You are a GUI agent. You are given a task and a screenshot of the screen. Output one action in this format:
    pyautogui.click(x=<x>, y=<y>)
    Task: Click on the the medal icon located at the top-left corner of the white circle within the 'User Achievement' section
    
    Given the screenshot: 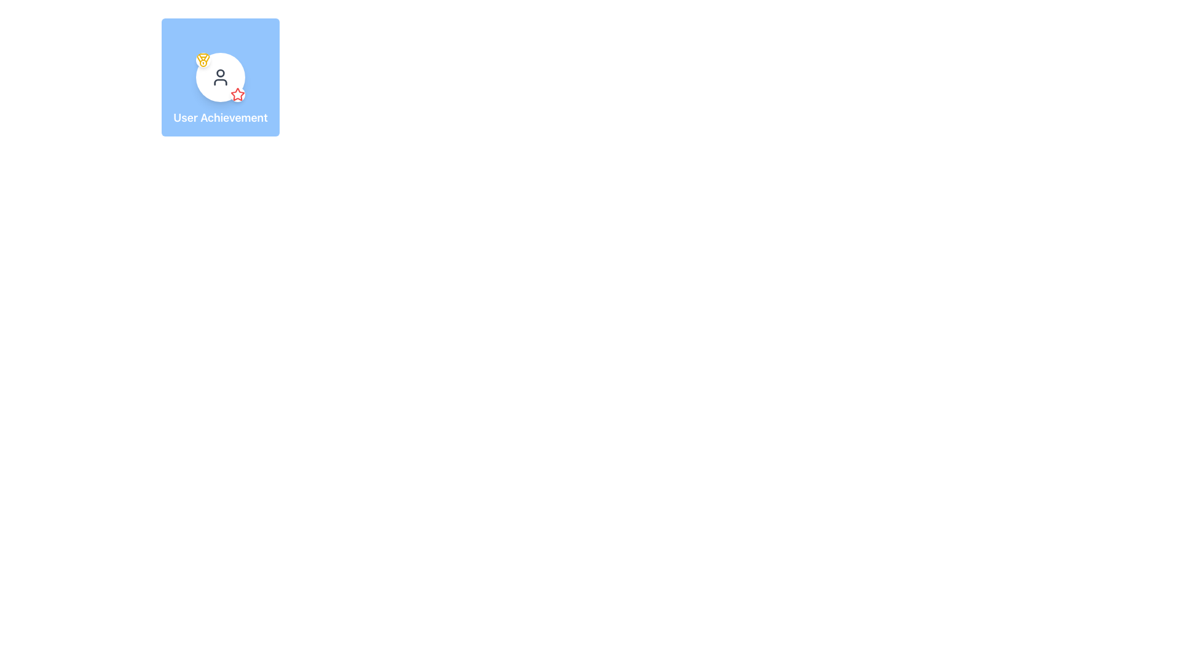 What is the action you would take?
    pyautogui.click(x=203, y=60)
    